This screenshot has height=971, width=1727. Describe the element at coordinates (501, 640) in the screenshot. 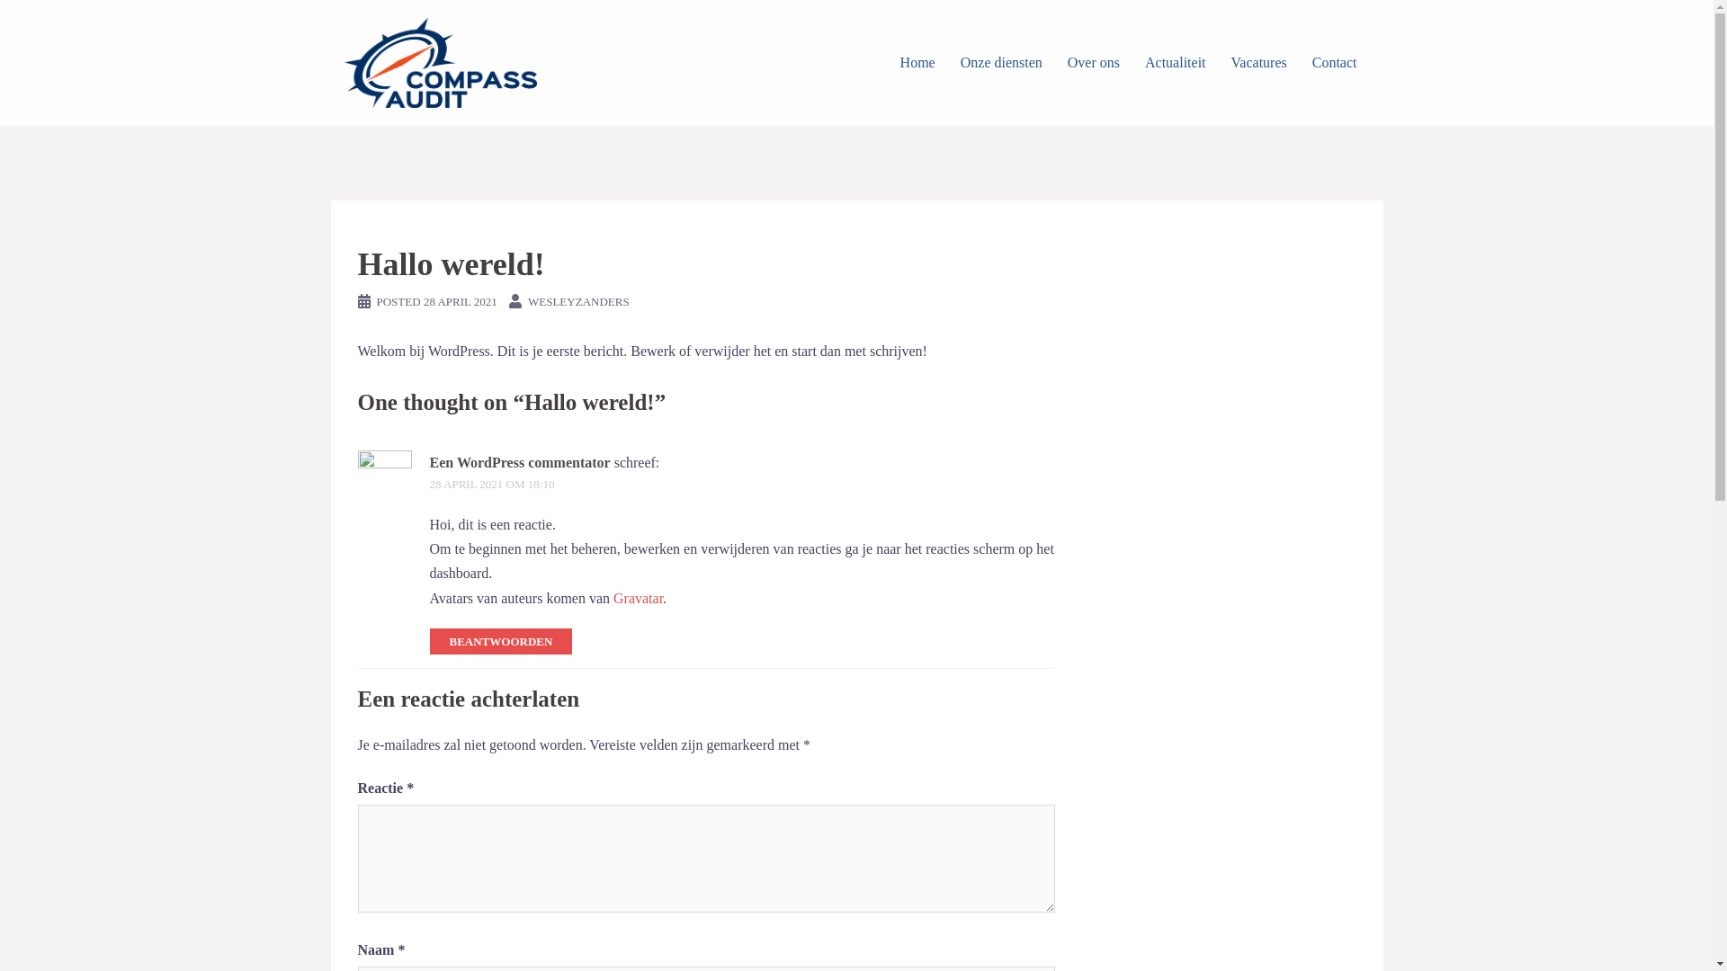

I see `'BEANTWOORDEN'` at that location.